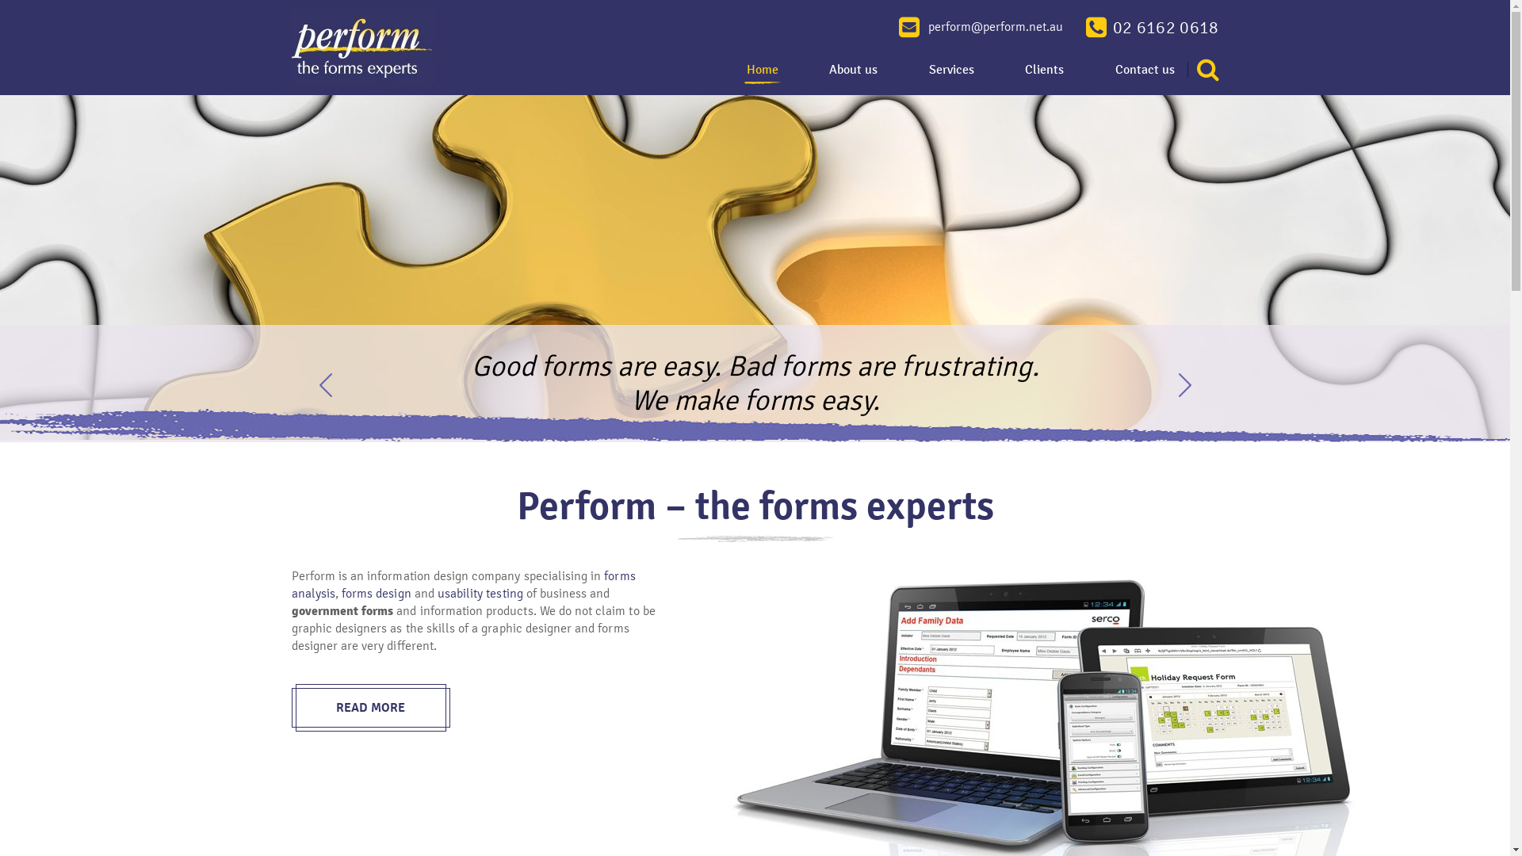 This screenshot has height=856, width=1522. What do you see at coordinates (370, 707) in the screenshot?
I see `'READ MORE'` at bounding box center [370, 707].